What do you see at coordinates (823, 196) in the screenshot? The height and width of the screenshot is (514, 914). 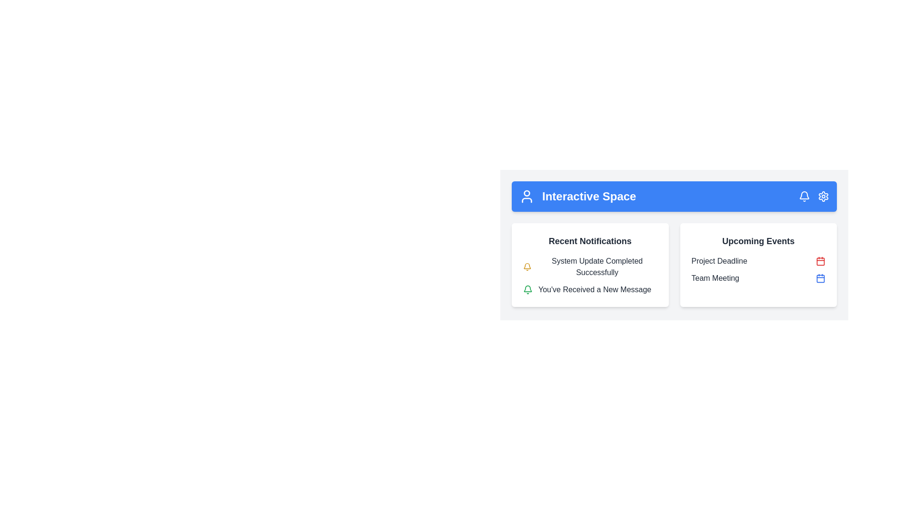 I see `the circular gear icon button located at the top-right corner of the blue interface header` at bounding box center [823, 196].